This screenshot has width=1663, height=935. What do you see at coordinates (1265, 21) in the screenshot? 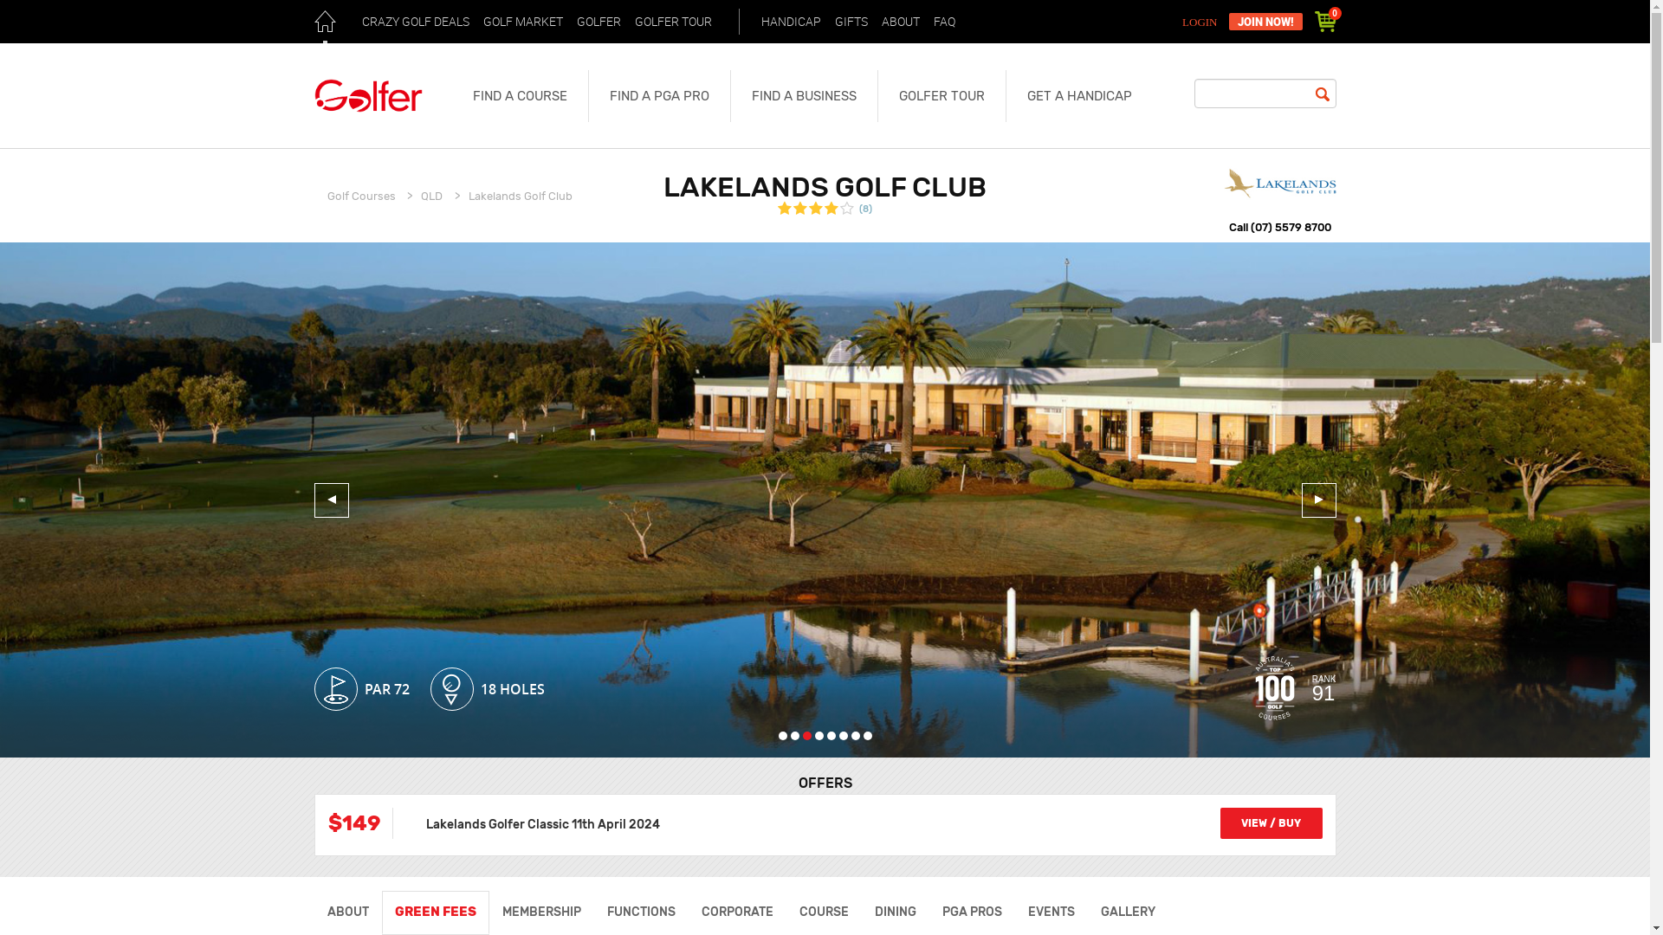
I see `'JOIN NOW!'` at bounding box center [1265, 21].